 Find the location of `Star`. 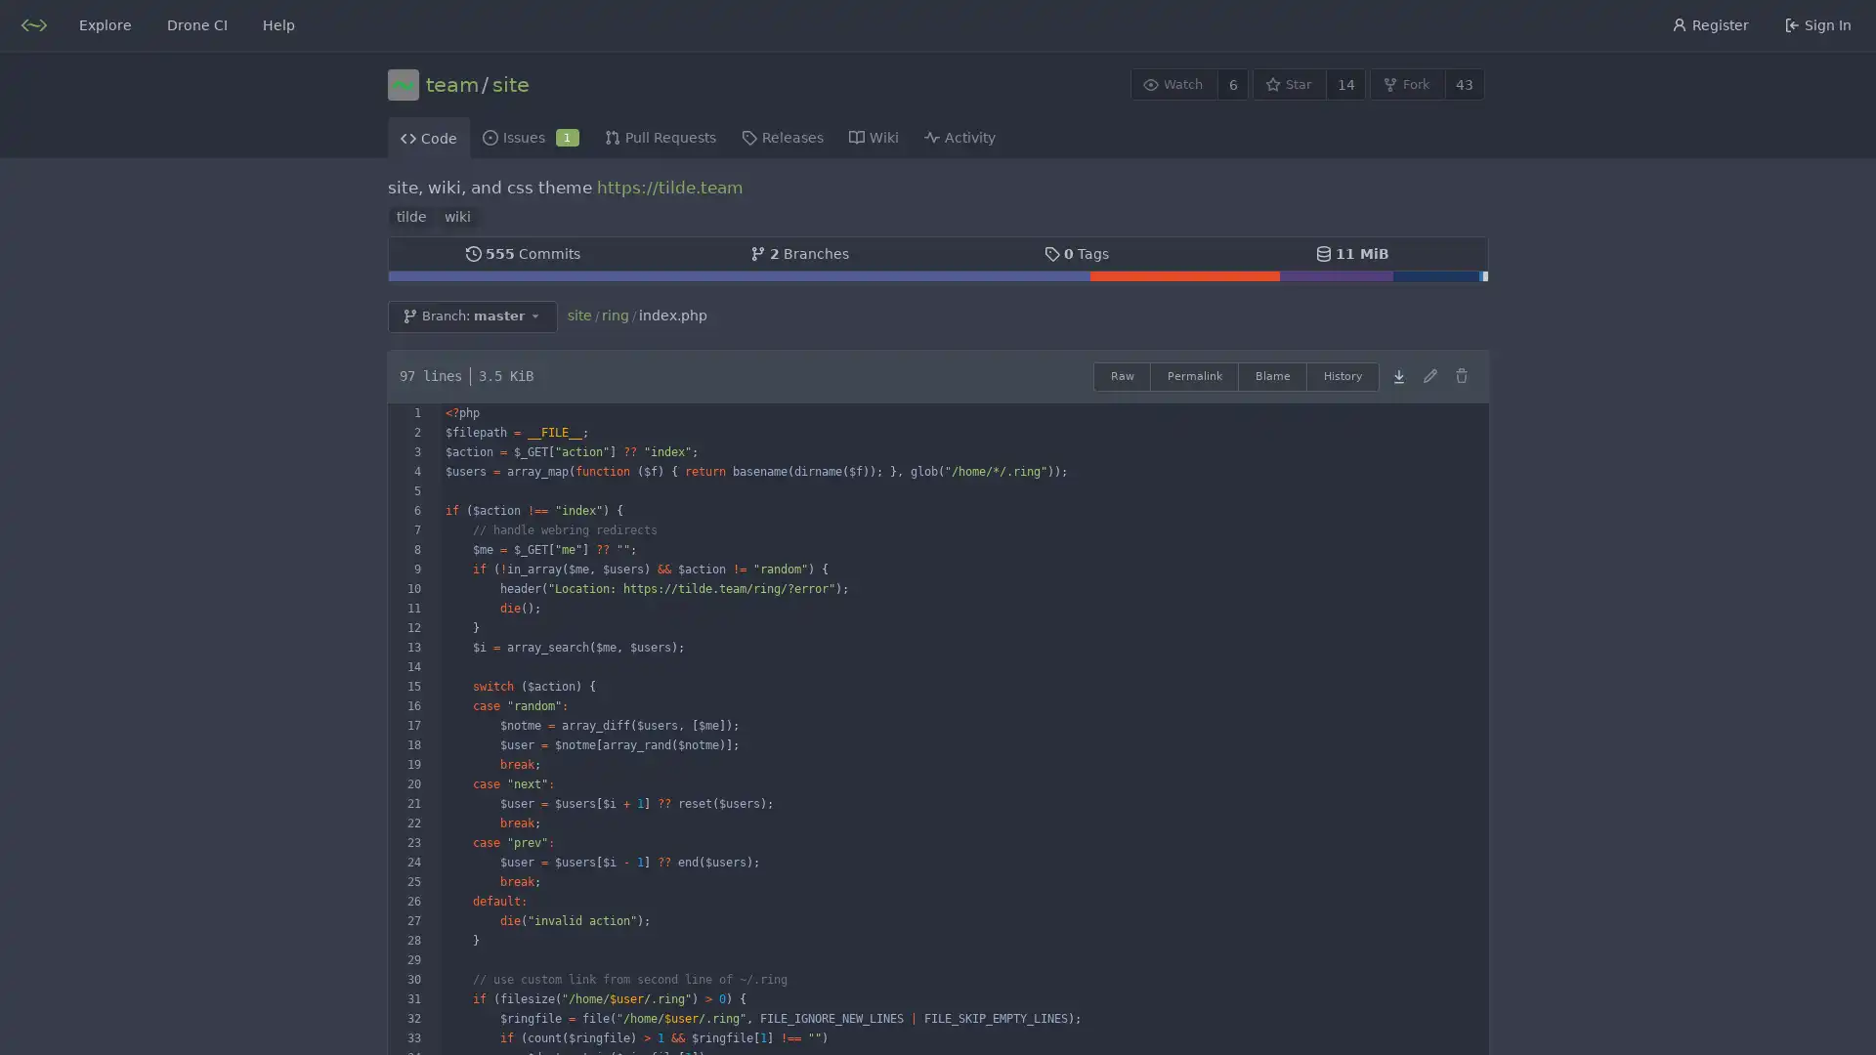

Star is located at coordinates (1289, 83).